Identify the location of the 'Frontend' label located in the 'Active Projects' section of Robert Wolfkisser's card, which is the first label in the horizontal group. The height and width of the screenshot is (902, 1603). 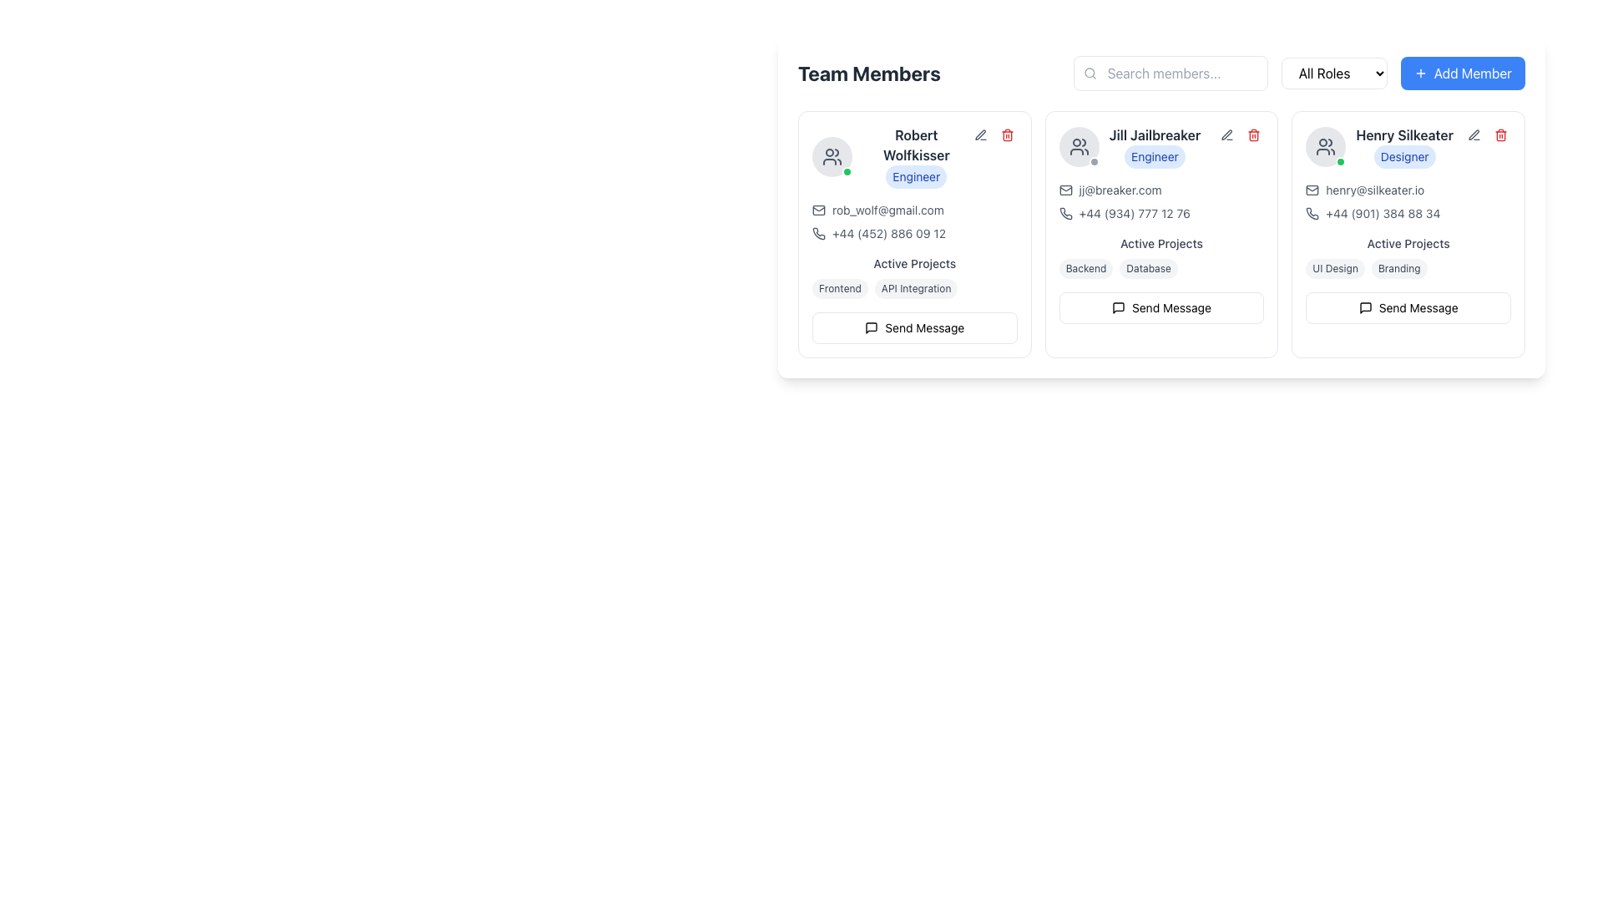
(840, 288).